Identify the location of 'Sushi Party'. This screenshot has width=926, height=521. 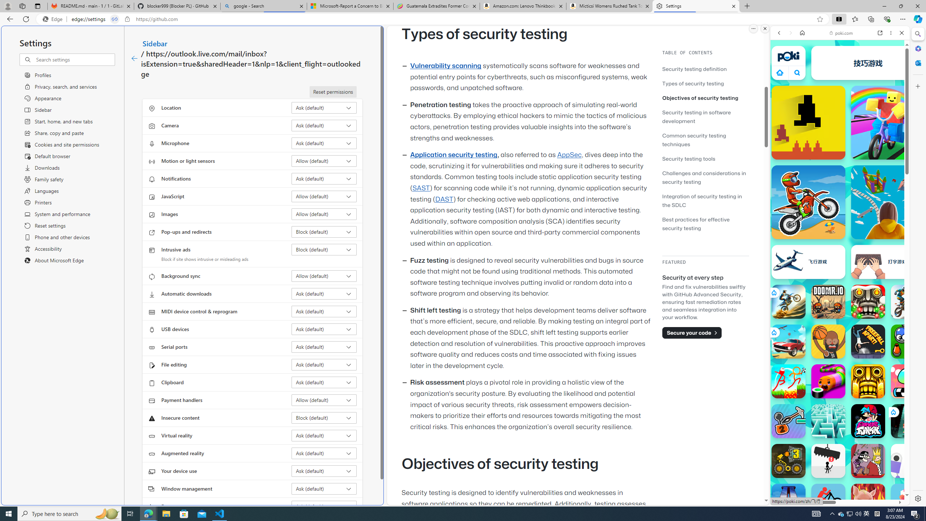
(828, 381).